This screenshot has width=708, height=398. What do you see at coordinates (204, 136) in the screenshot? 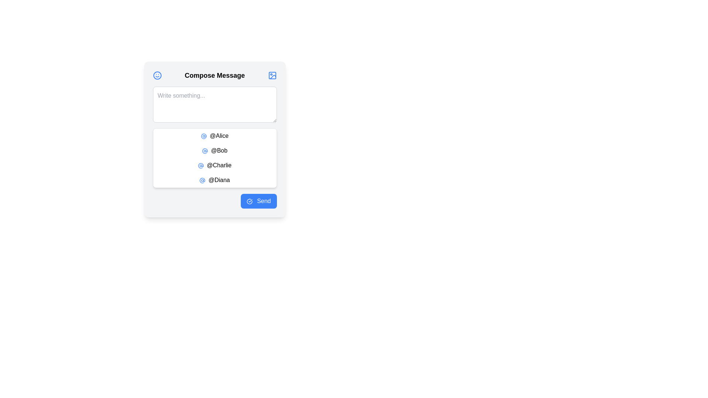
I see `the small blue circular decorative icon resembling an '@' sign located to the left of the text '@Alice' in the suggestion list under the 'Compose Message' input box` at bounding box center [204, 136].